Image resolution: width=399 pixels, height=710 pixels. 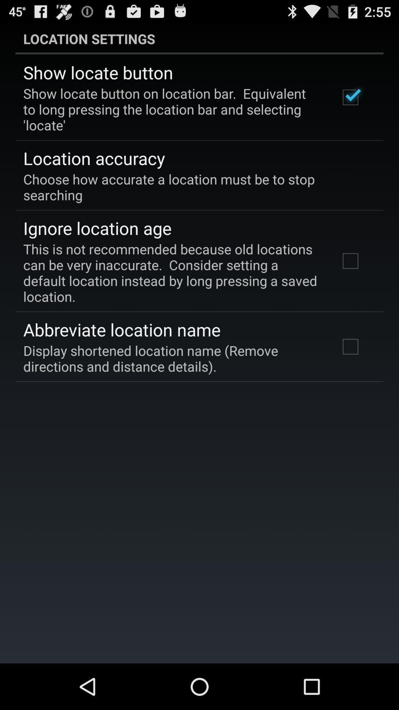 I want to click on ignore location age icon, so click(x=97, y=227).